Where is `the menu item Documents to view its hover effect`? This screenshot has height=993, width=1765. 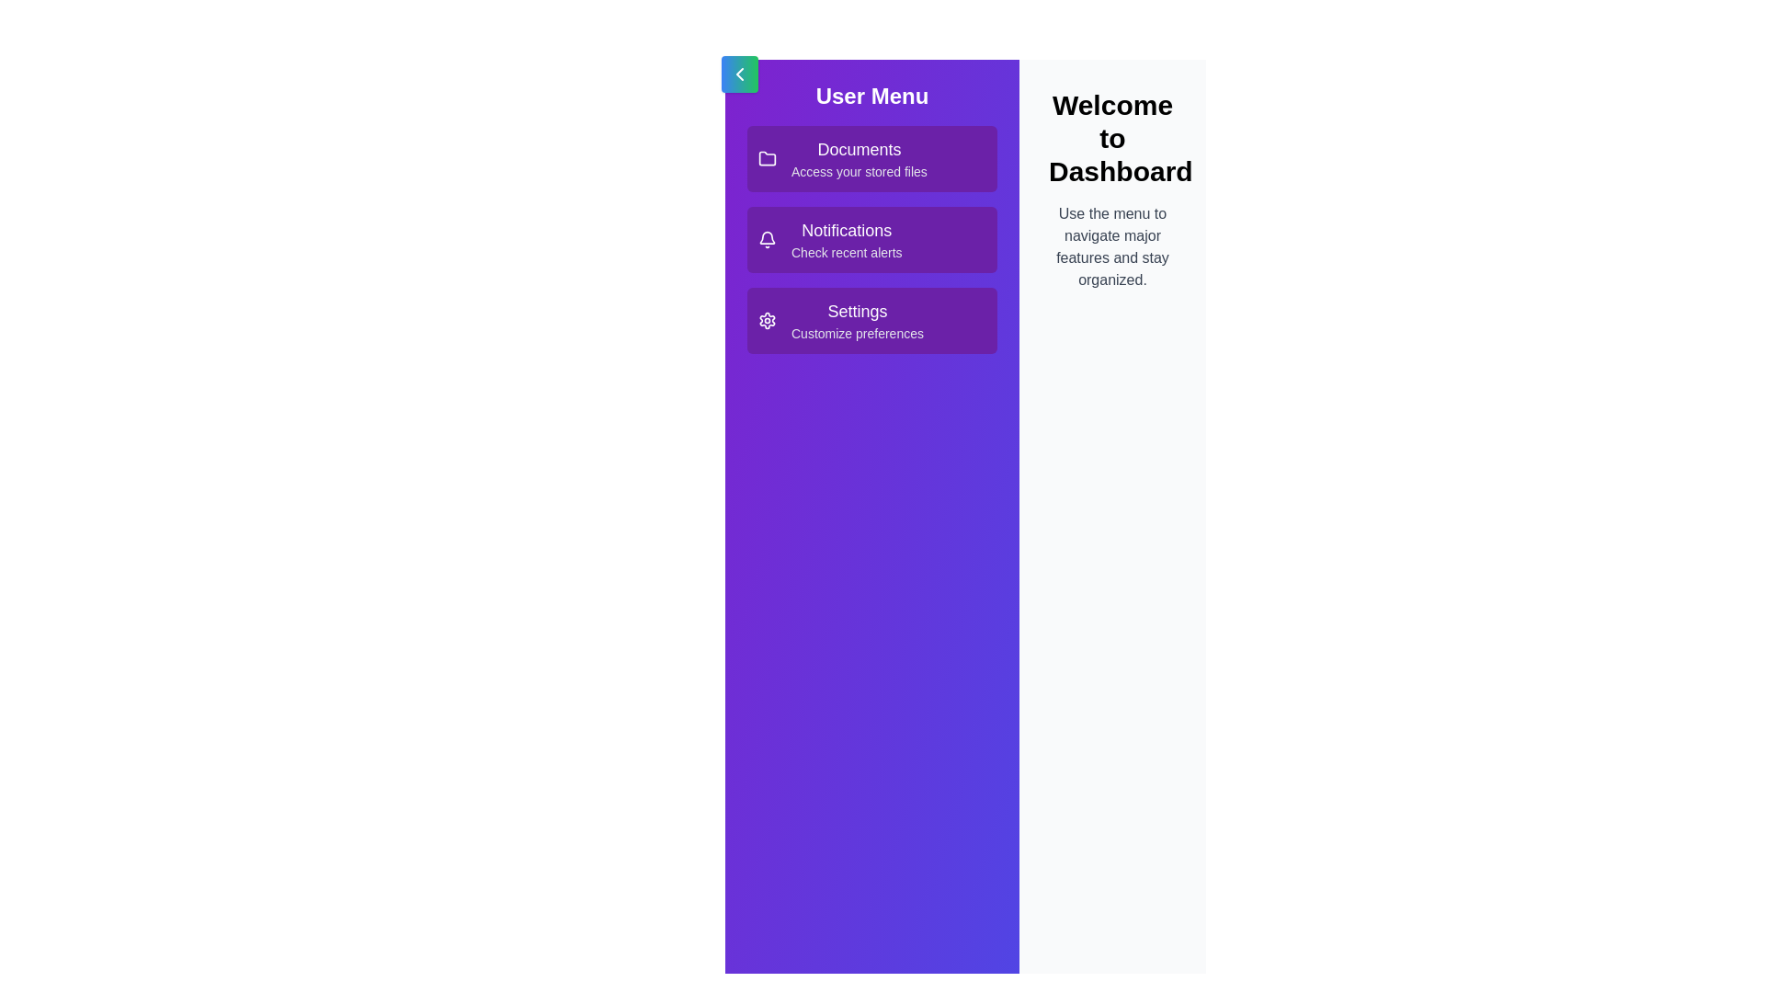
the menu item Documents to view its hover effect is located at coordinates (871, 158).